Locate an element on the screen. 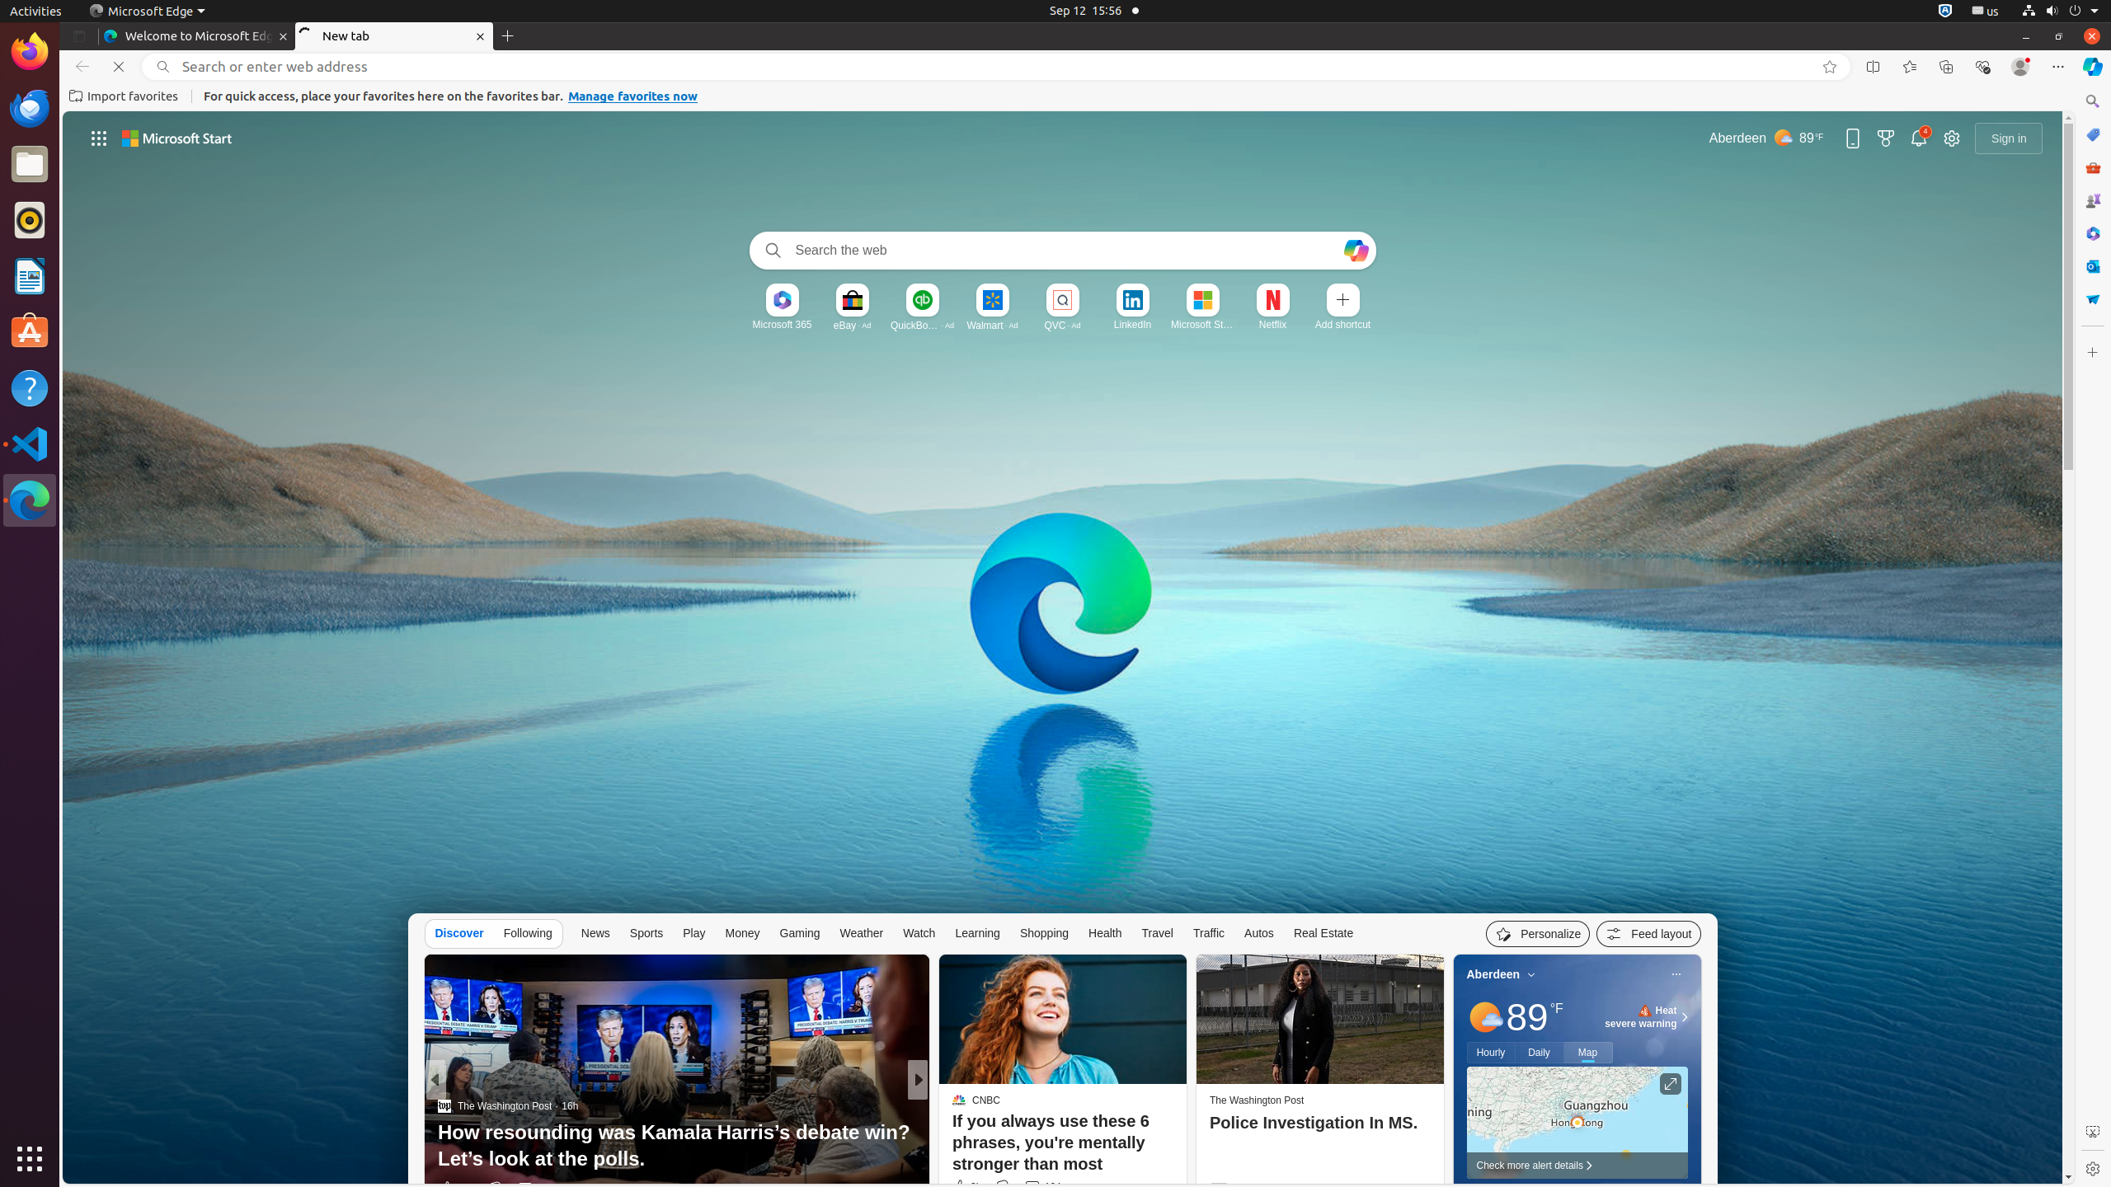  'Play' is located at coordinates (693, 931).